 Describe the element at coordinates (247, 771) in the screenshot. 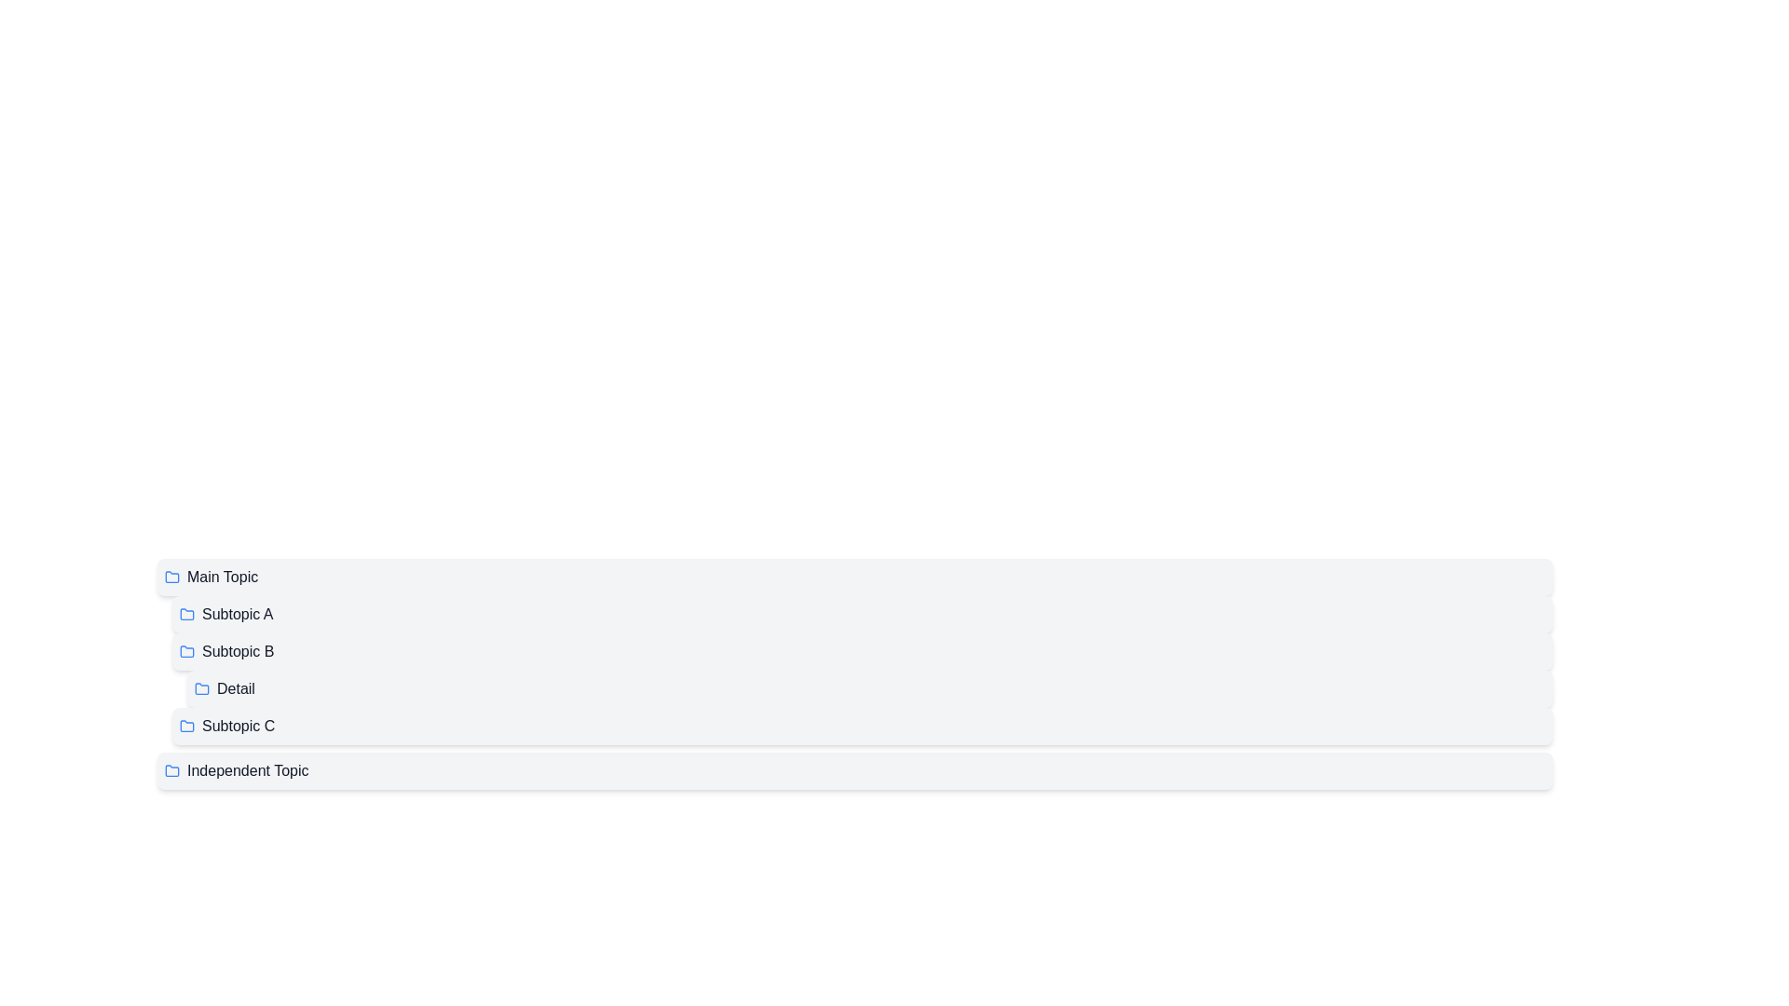

I see `the text label 'Independent Topic'` at that location.